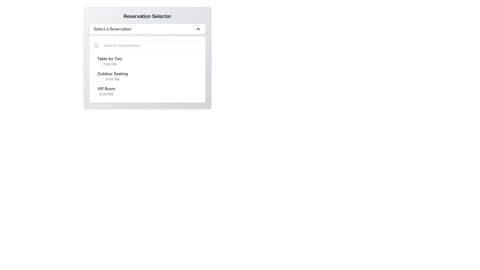 This screenshot has width=480, height=270. I want to click on the static text label or heading that serves as the title for the reservation selection section, positioned at the top of the interface, so click(147, 16).